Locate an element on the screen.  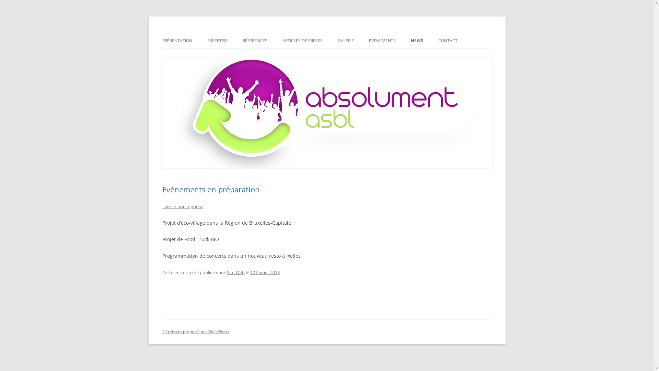
'Site Web' is located at coordinates (235, 272).